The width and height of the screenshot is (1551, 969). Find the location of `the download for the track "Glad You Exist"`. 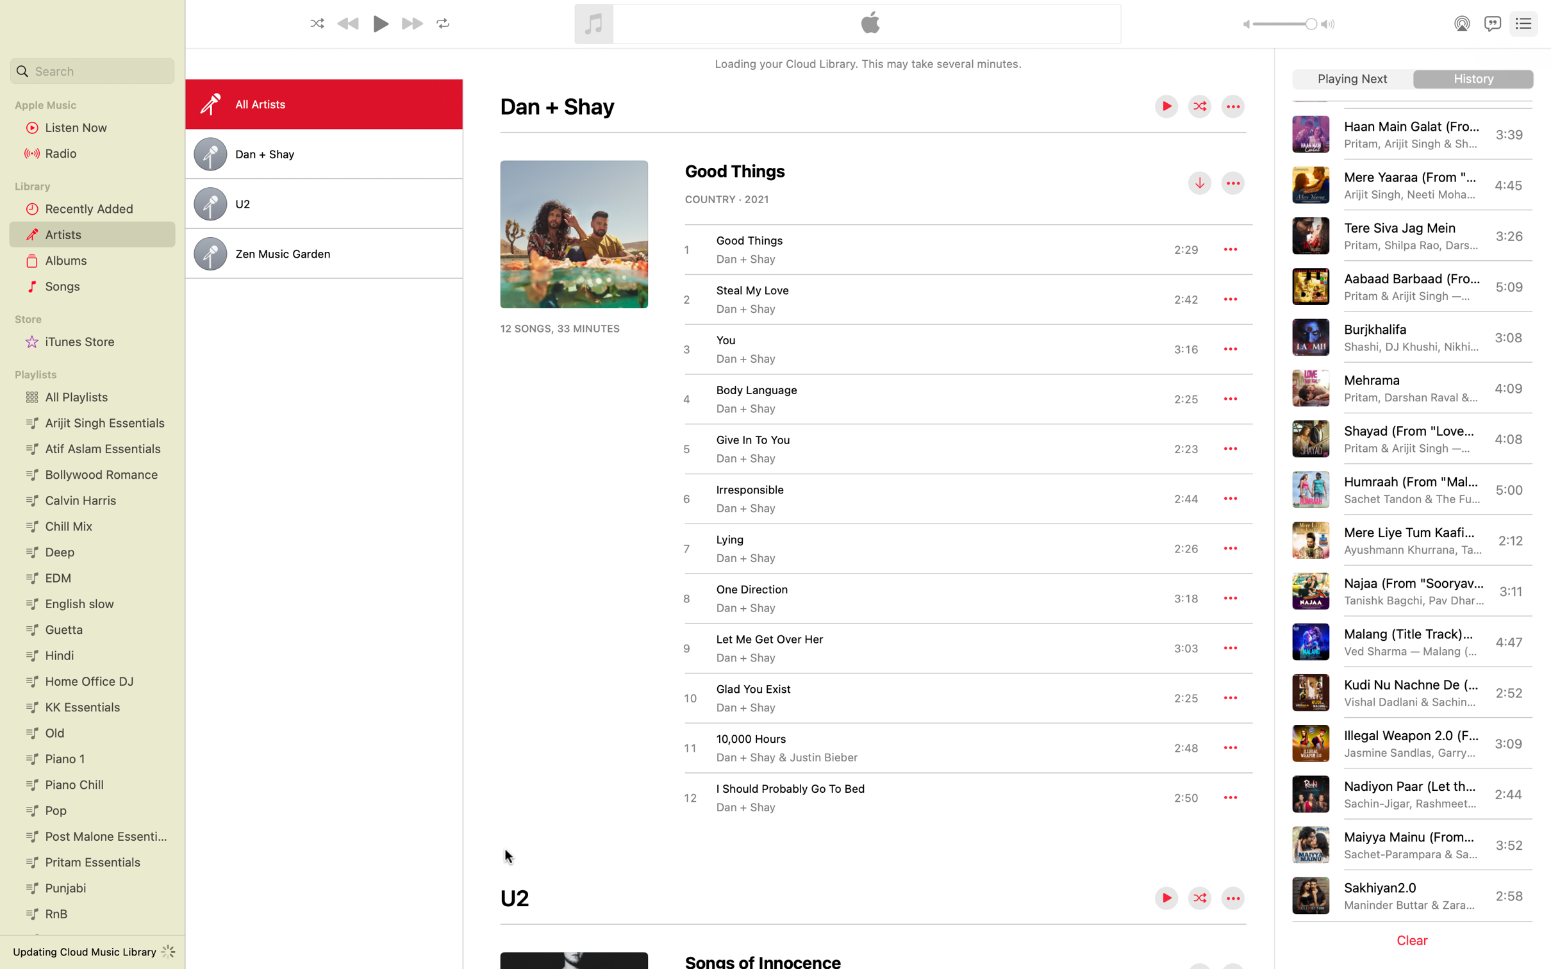

the download for the track "Glad You Exist" is located at coordinates (939, 697).